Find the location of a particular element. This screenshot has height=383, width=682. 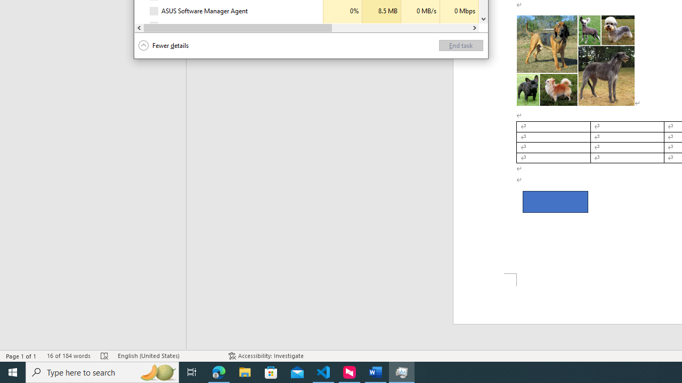

'Page Number Page 1 of 1' is located at coordinates (21, 356).